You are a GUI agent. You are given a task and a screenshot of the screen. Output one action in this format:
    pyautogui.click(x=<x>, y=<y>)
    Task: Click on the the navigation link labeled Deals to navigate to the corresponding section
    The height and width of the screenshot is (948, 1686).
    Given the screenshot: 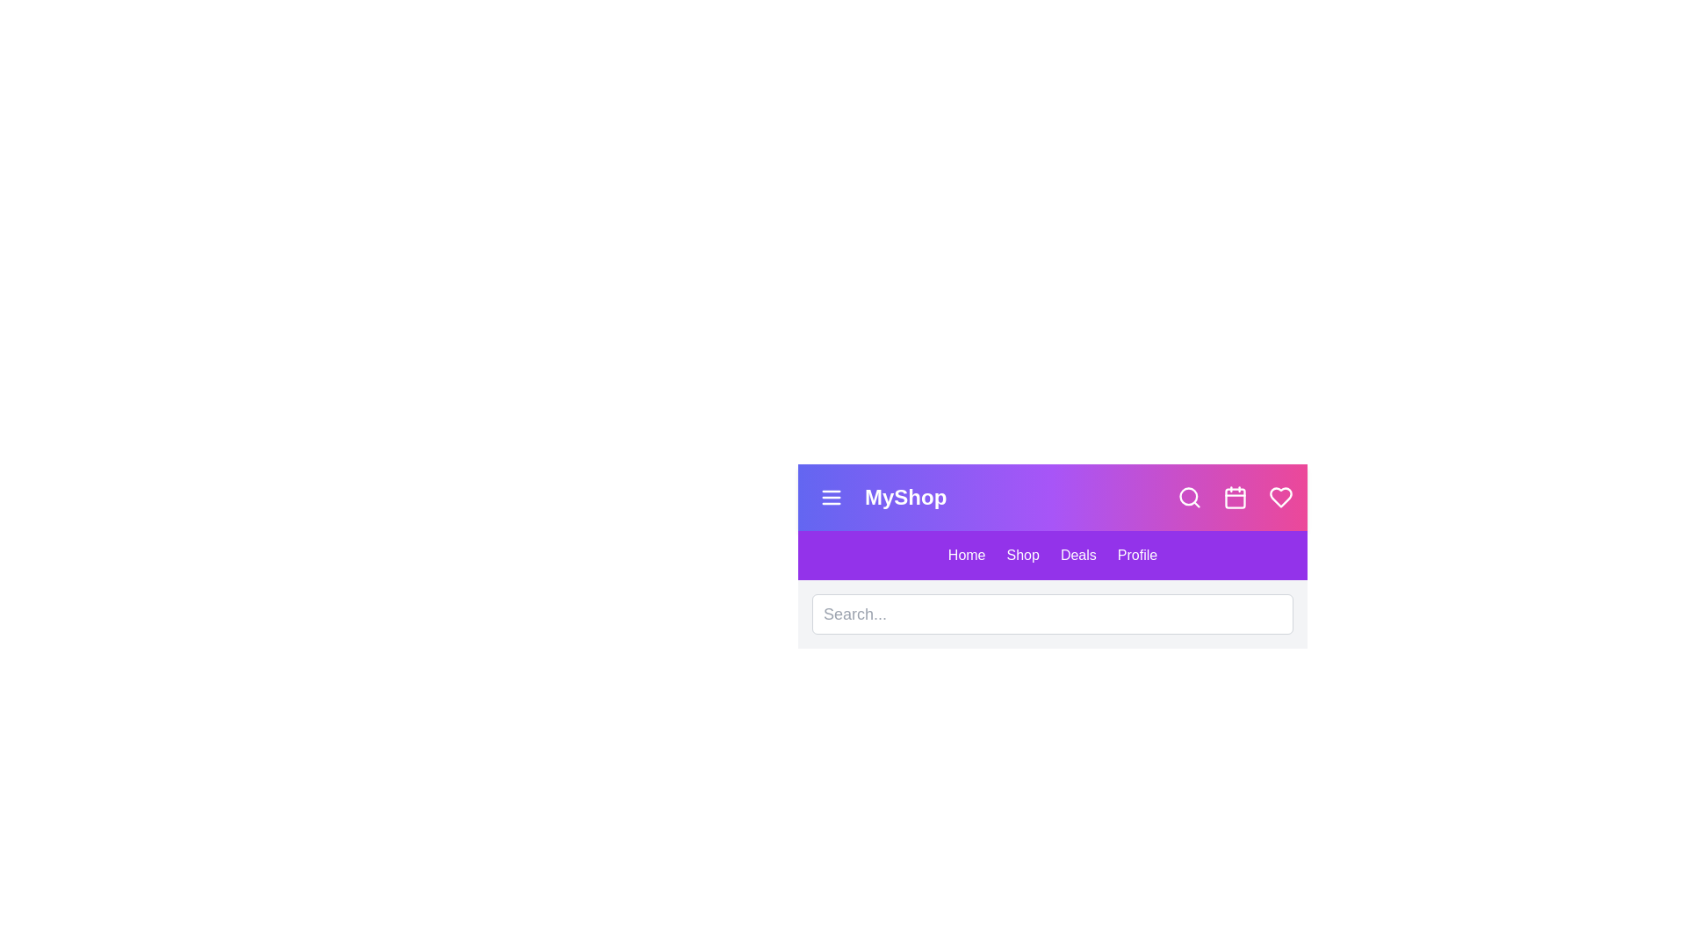 What is the action you would take?
    pyautogui.click(x=1077, y=555)
    